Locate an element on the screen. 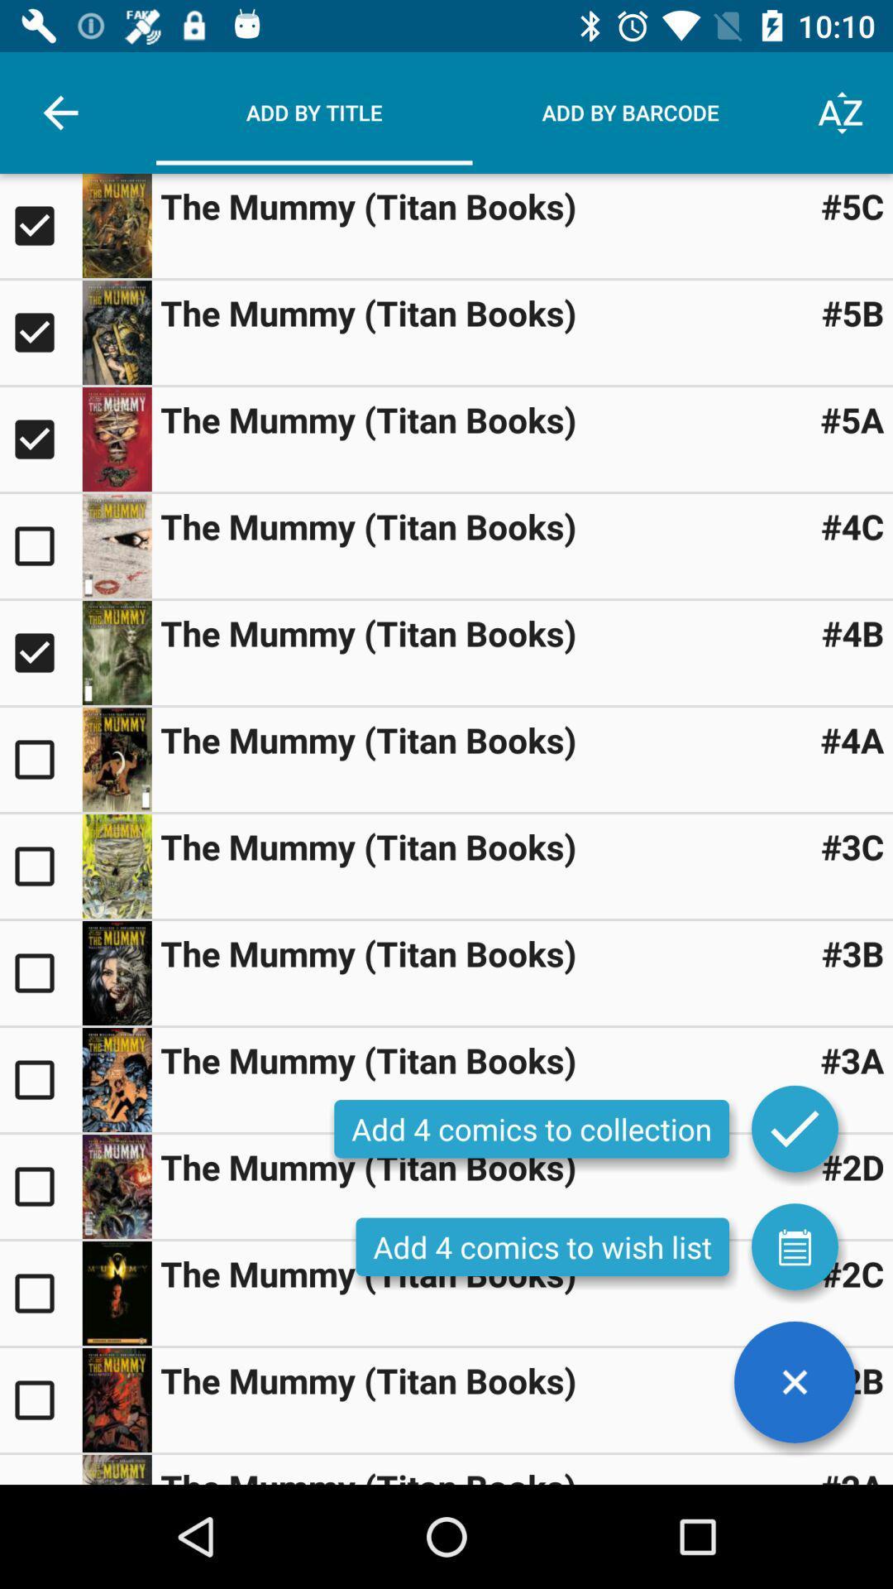 The height and width of the screenshot is (1589, 893). selection is located at coordinates (116, 546).